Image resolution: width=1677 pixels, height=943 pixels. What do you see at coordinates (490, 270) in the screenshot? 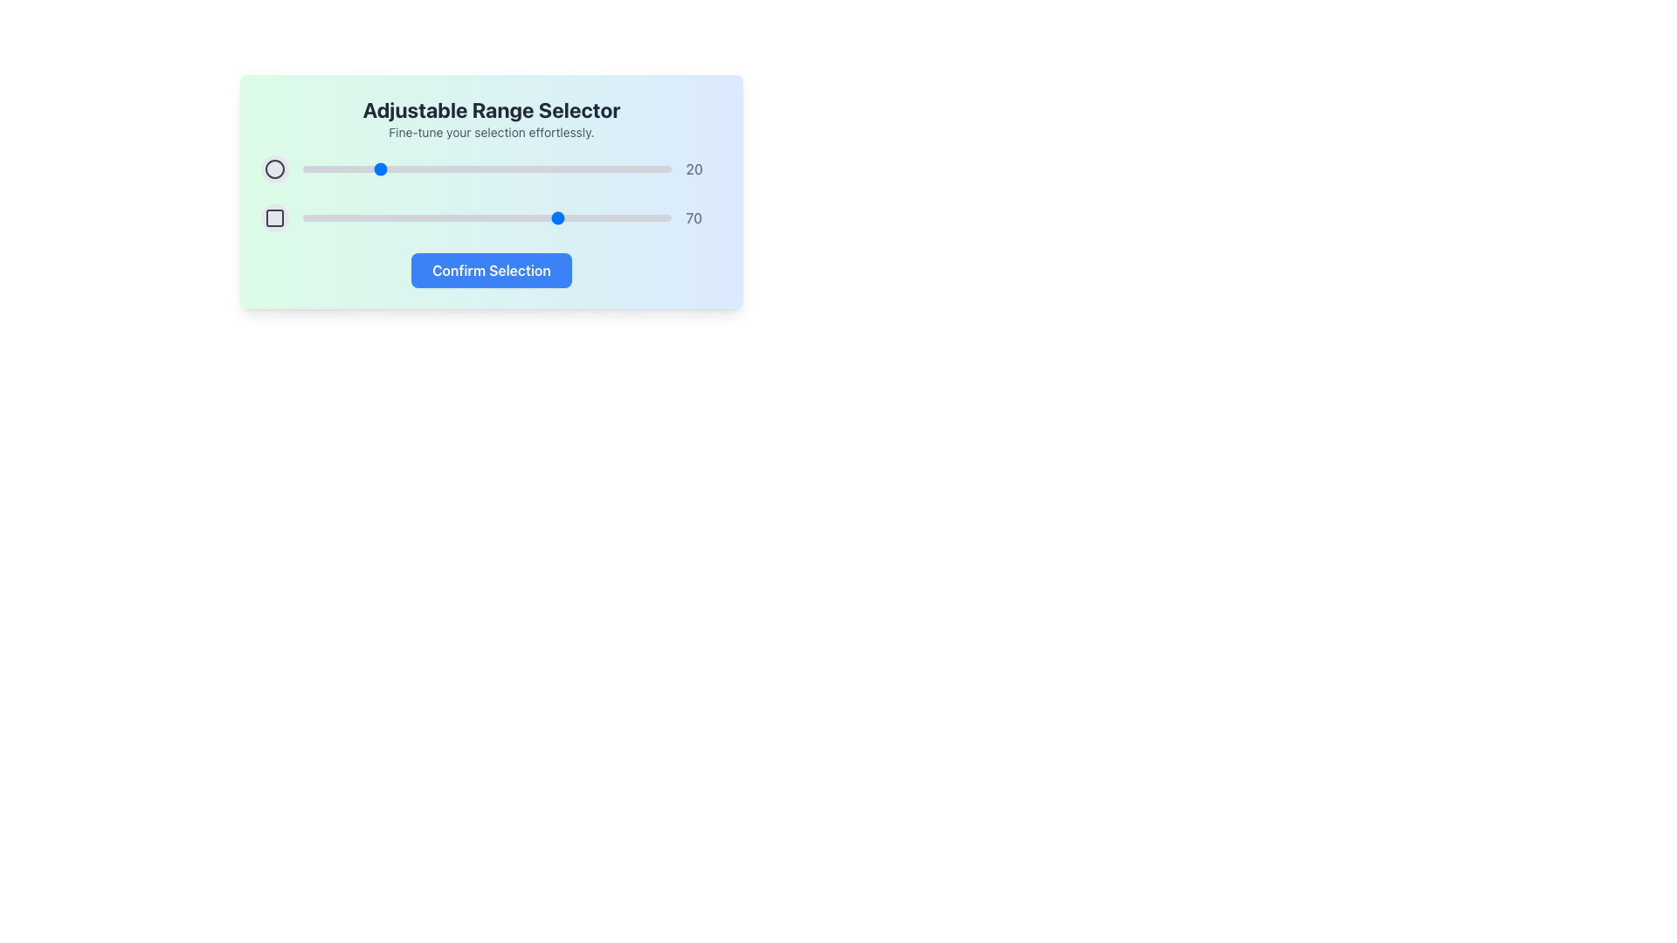
I see `the 'Confirm Selection' button with a bold blue background` at bounding box center [490, 270].